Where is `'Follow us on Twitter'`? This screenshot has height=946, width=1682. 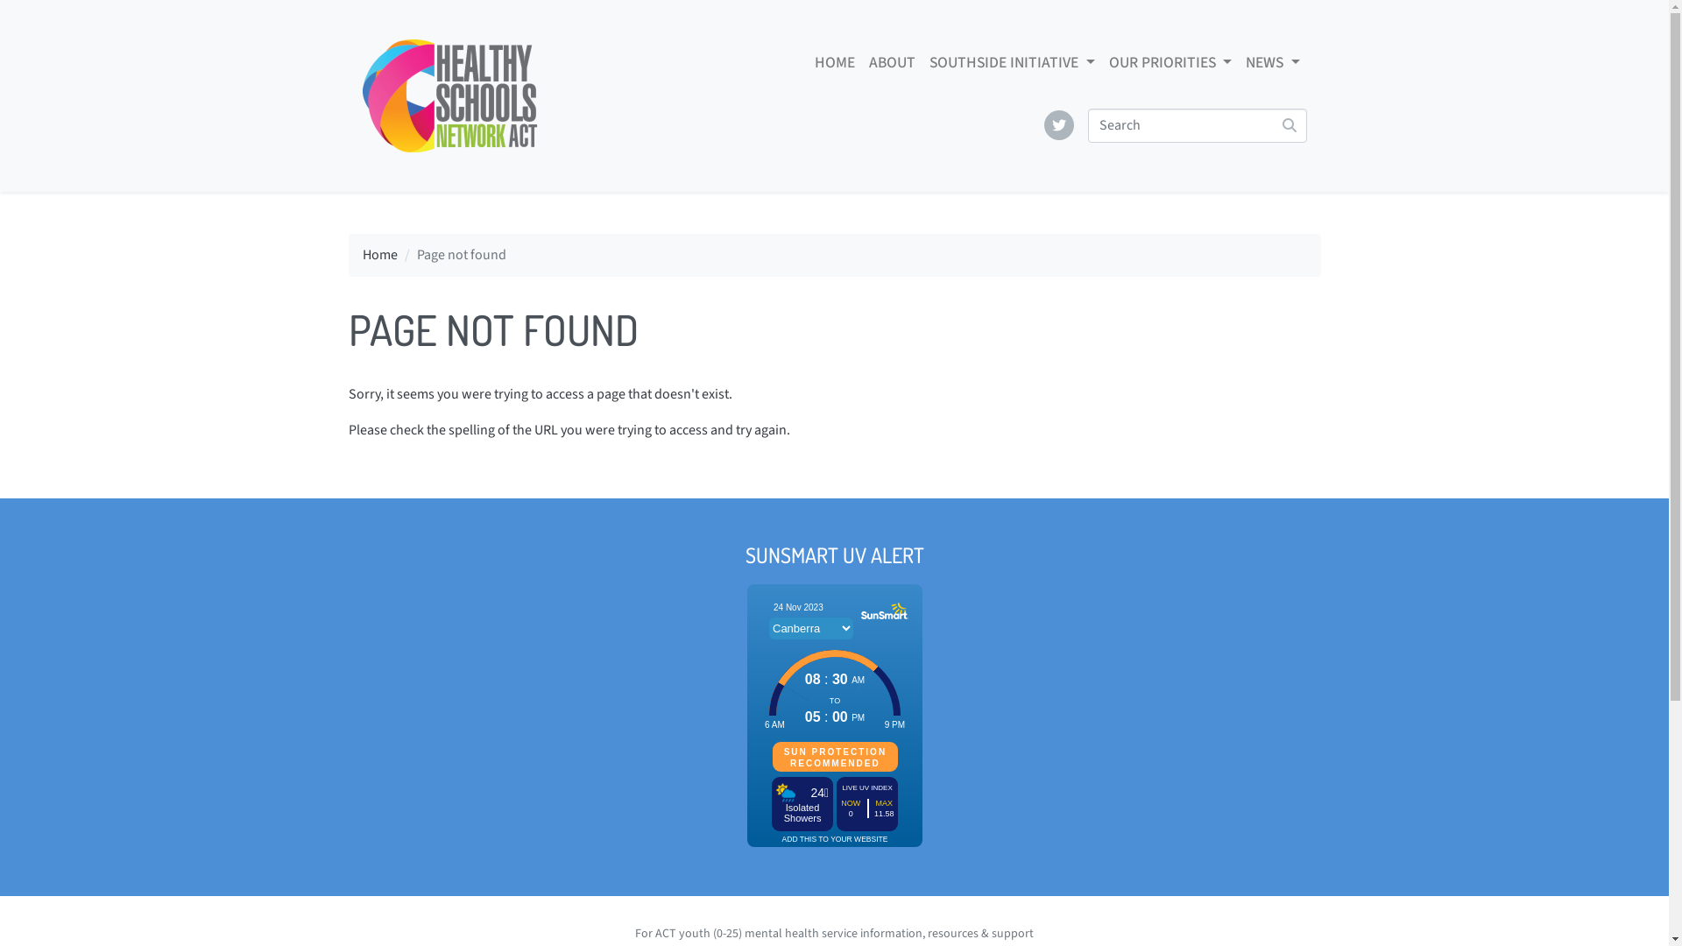
'Follow us on Twitter' is located at coordinates (1058, 124).